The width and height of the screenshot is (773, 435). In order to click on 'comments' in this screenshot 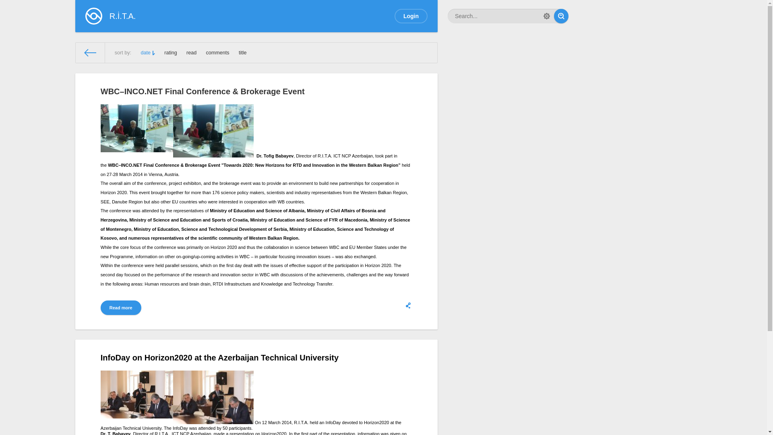, I will do `click(206, 53)`.